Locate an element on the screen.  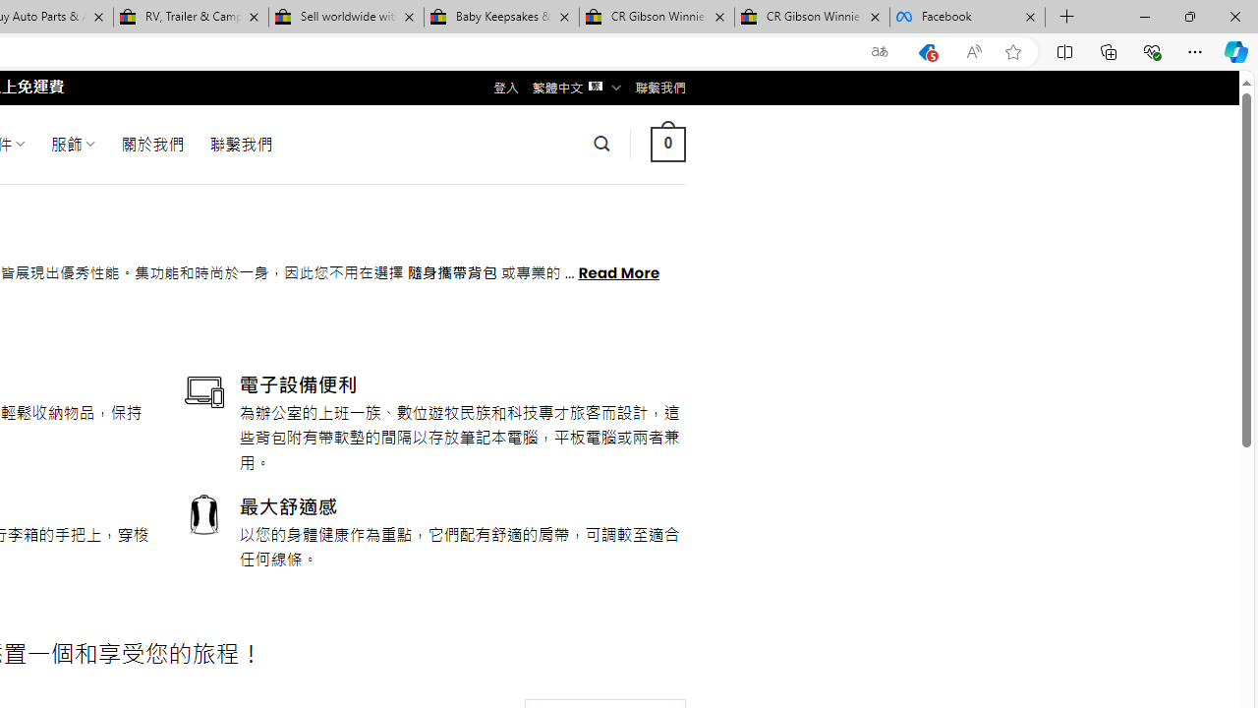
' 0 ' is located at coordinates (667, 143).